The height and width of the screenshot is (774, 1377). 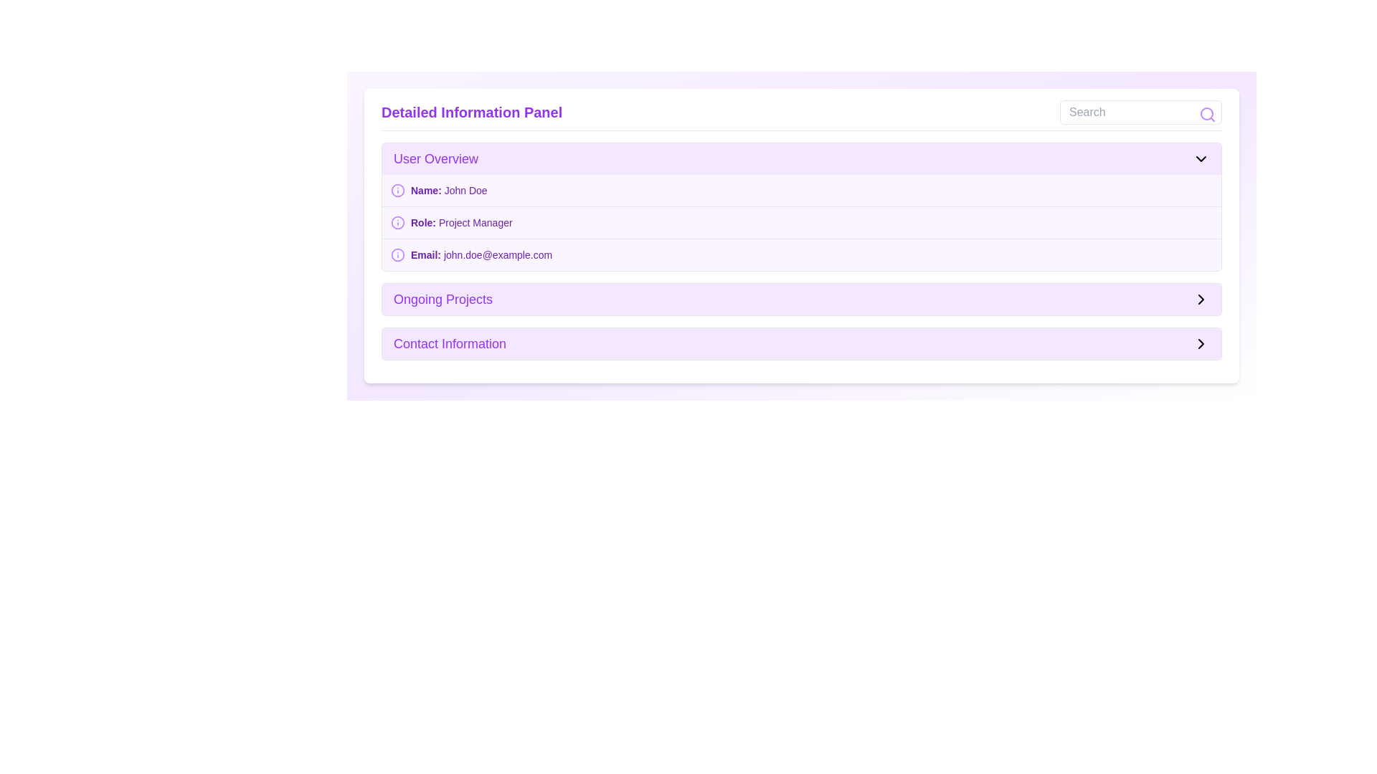 What do you see at coordinates (801, 159) in the screenshot?
I see `the toggle button at the top of the user details section` at bounding box center [801, 159].